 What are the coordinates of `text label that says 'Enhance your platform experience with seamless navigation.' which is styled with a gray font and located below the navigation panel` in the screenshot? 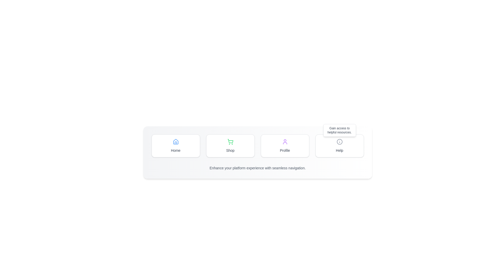 It's located at (258, 168).